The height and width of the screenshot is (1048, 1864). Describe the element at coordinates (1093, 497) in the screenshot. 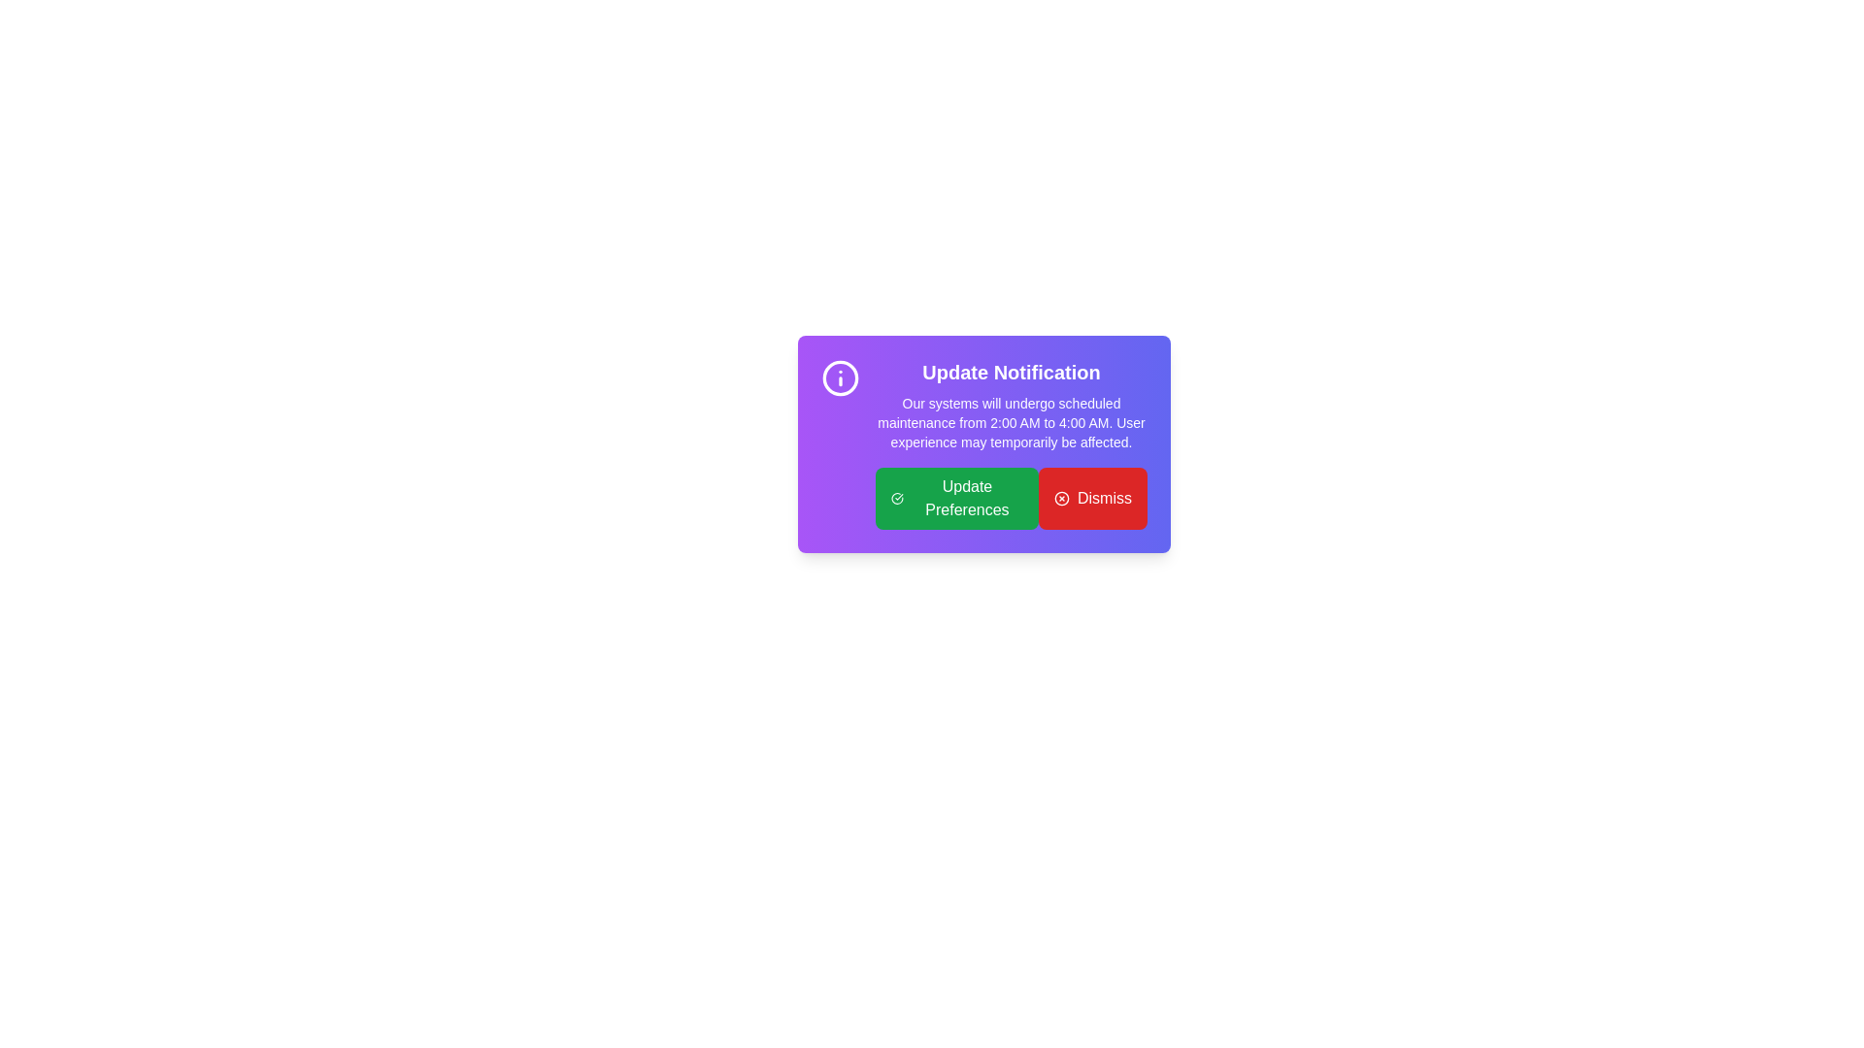

I see `'Dismiss' button to close the notification` at that location.